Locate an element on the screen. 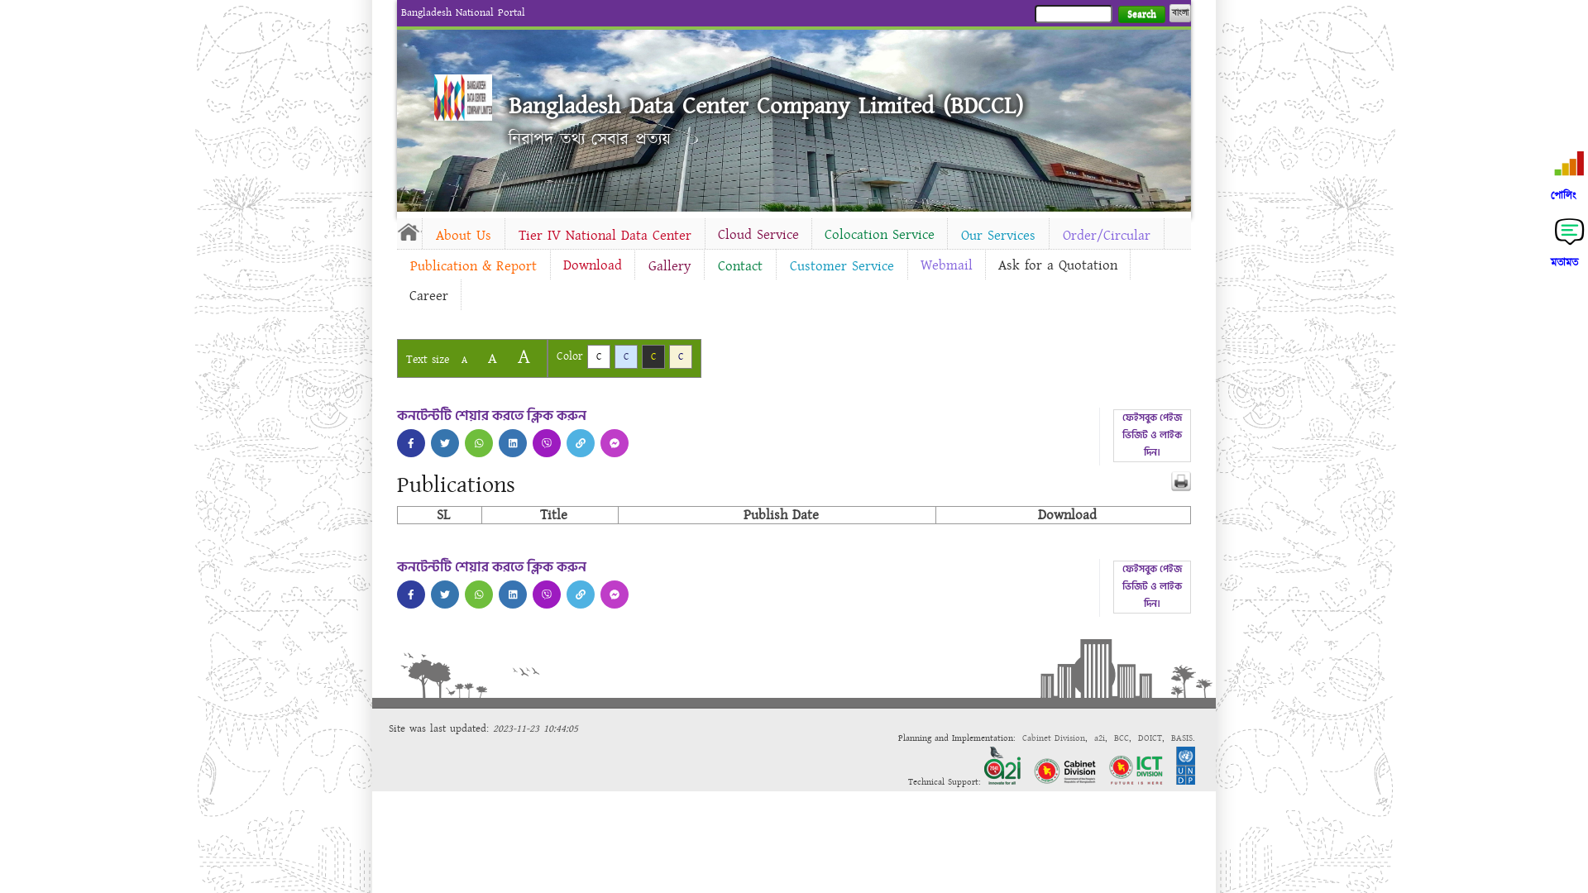  'About Us' is located at coordinates (463, 236).